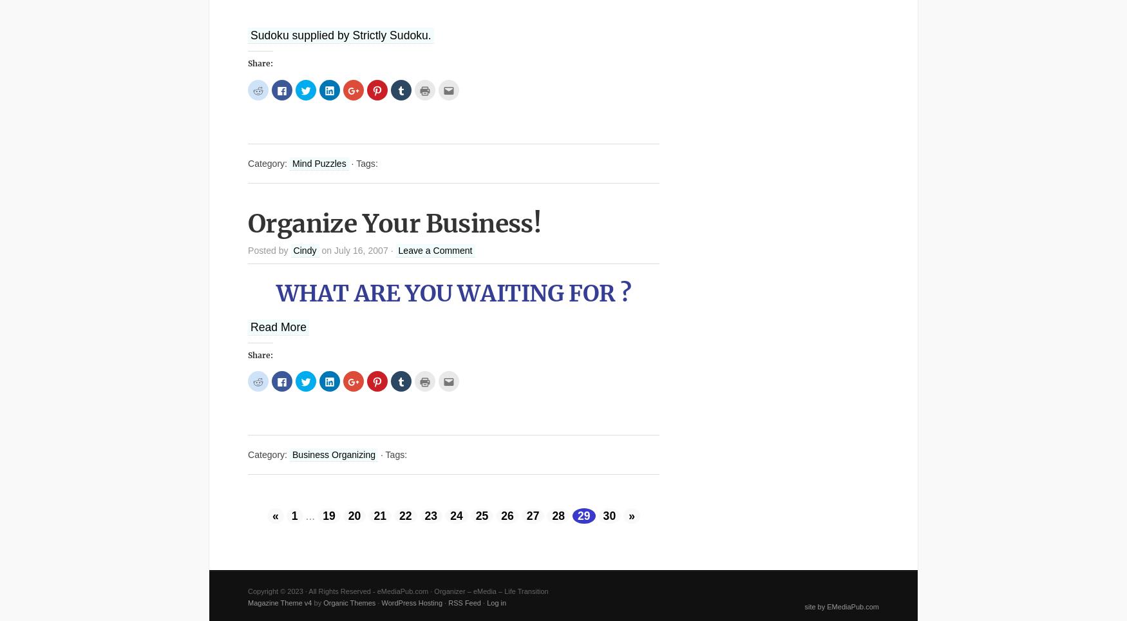 The height and width of the screenshot is (621, 1127). What do you see at coordinates (322, 515) in the screenshot?
I see `'19'` at bounding box center [322, 515].